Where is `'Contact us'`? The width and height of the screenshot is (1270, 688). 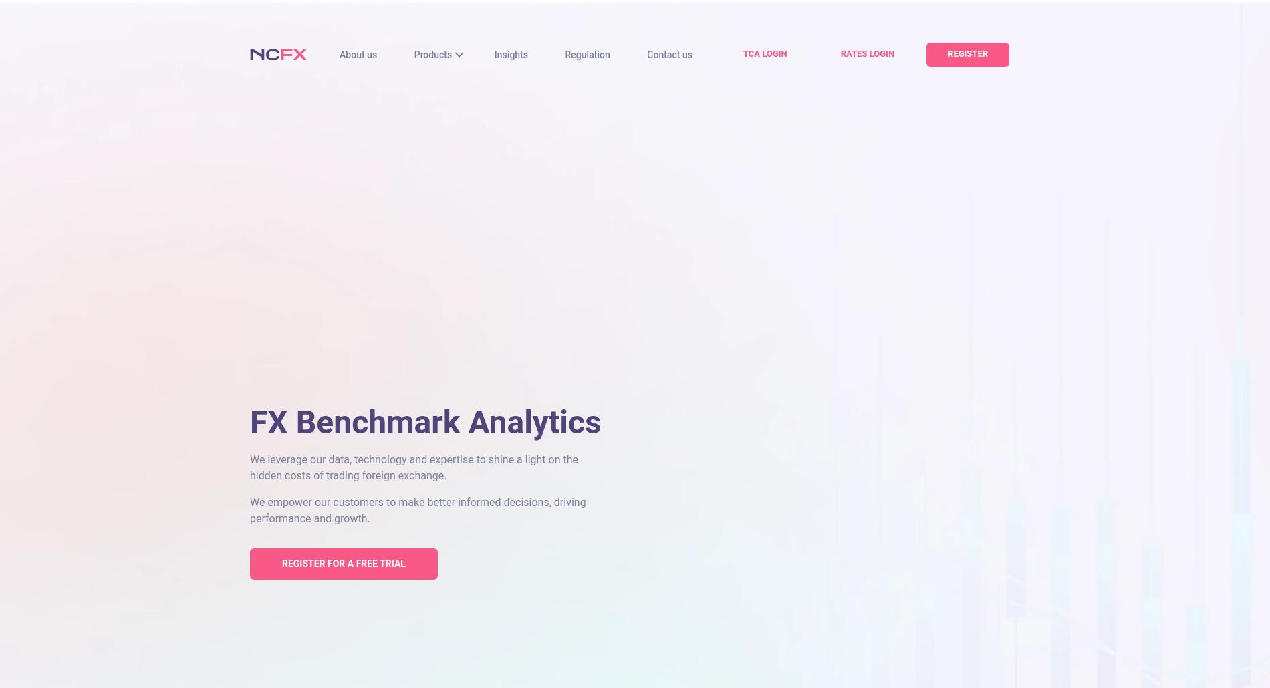
'Contact us' is located at coordinates (669, 53).